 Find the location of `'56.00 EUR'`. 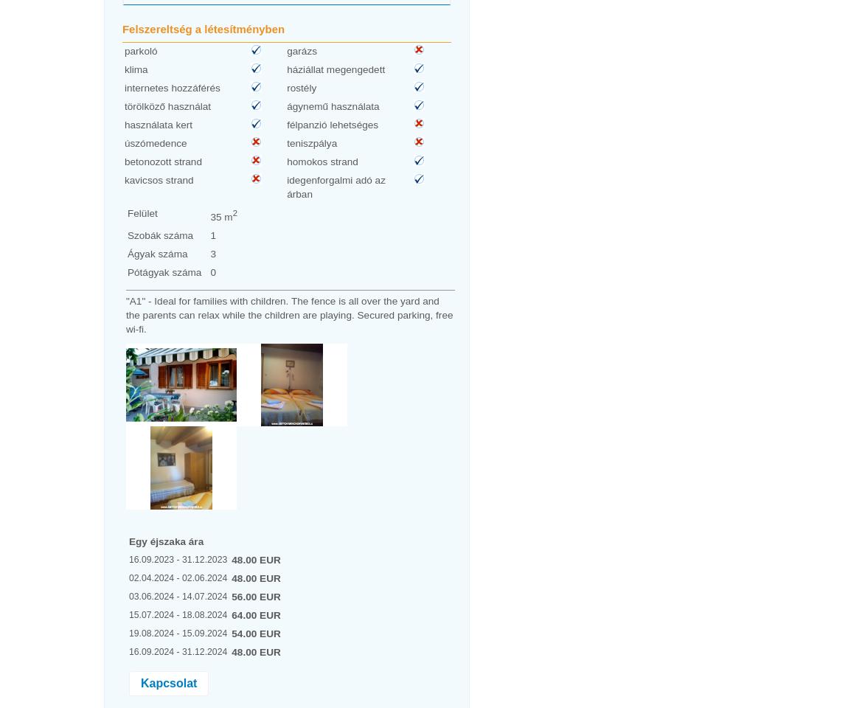

'56.00 EUR' is located at coordinates (255, 596).